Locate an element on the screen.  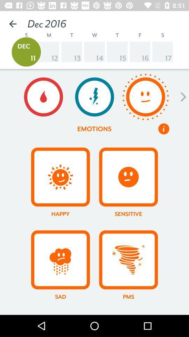
the arrow_forward icon is located at coordinates (181, 97).